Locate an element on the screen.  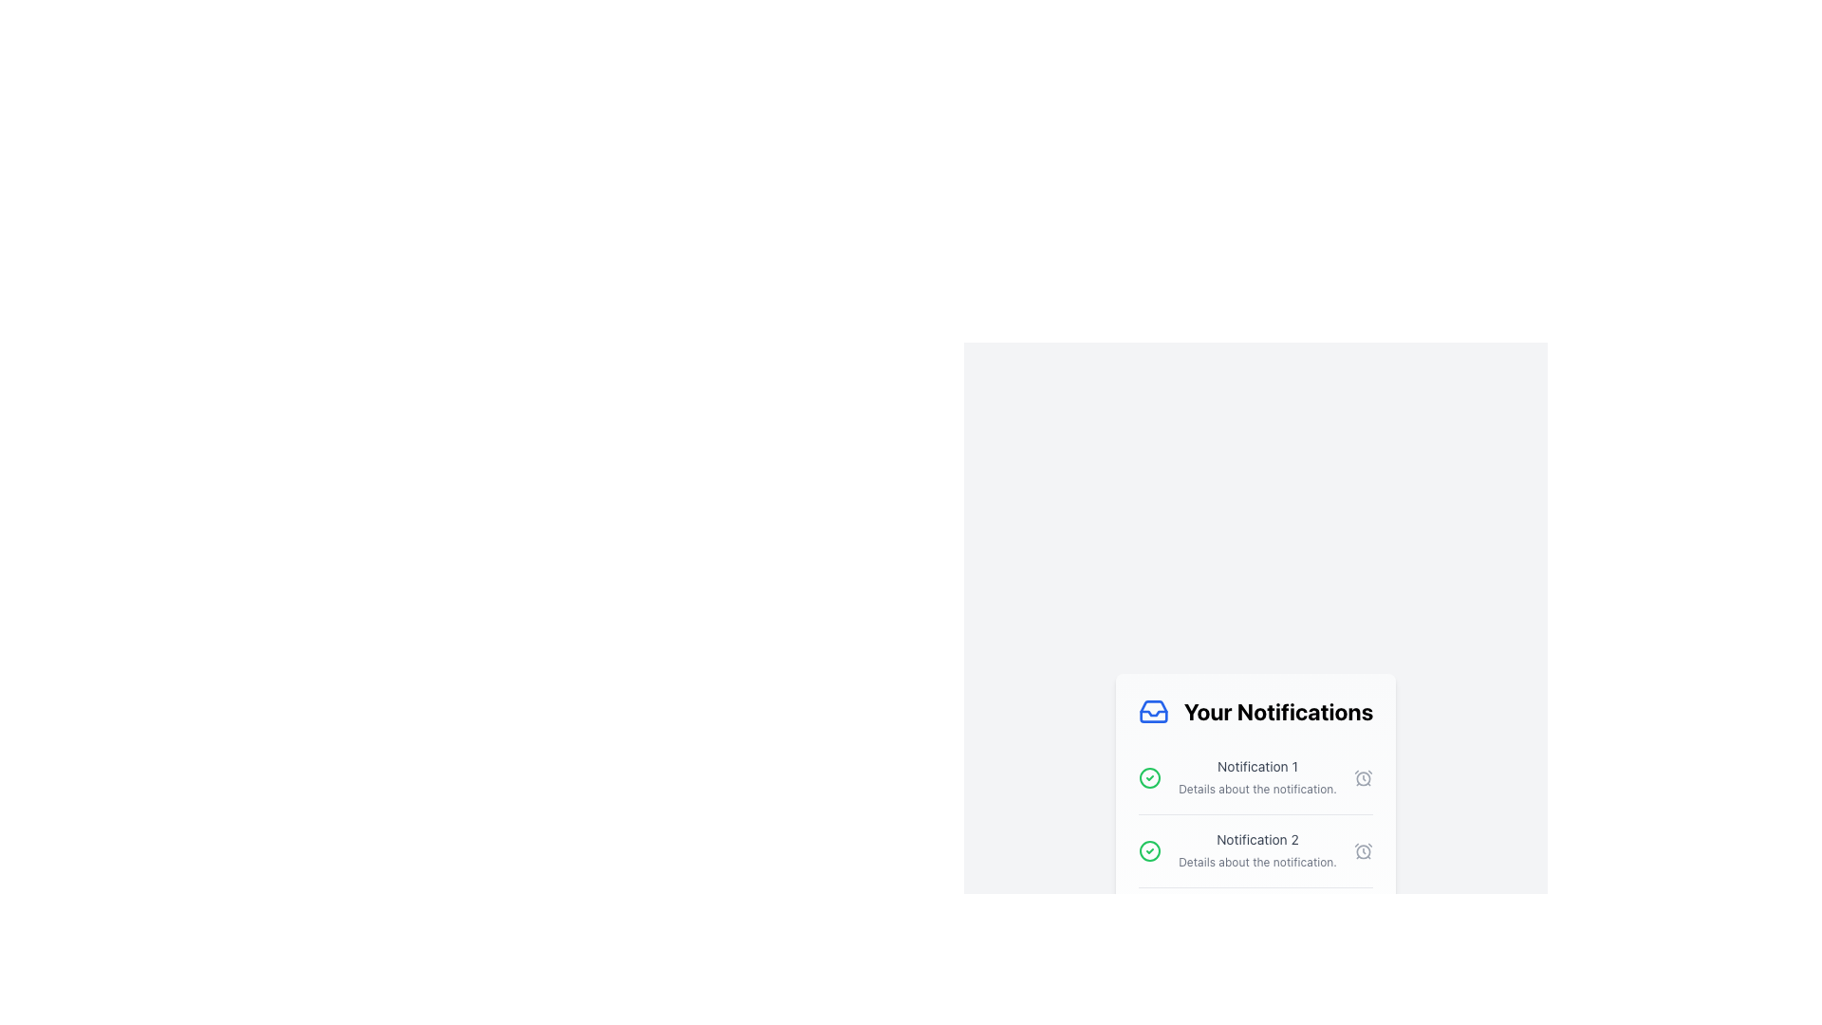
the green circular Status Indicator Icon with a check mark, which is located to the left of the text 'Details about the notification' in 'Notification 2' is located at coordinates (1148, 850).